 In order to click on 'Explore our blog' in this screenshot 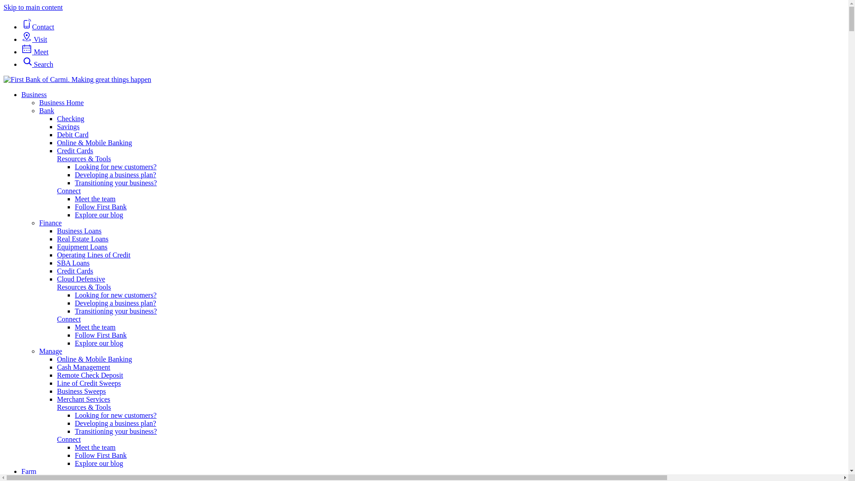, I will do `click(98, 342)`.